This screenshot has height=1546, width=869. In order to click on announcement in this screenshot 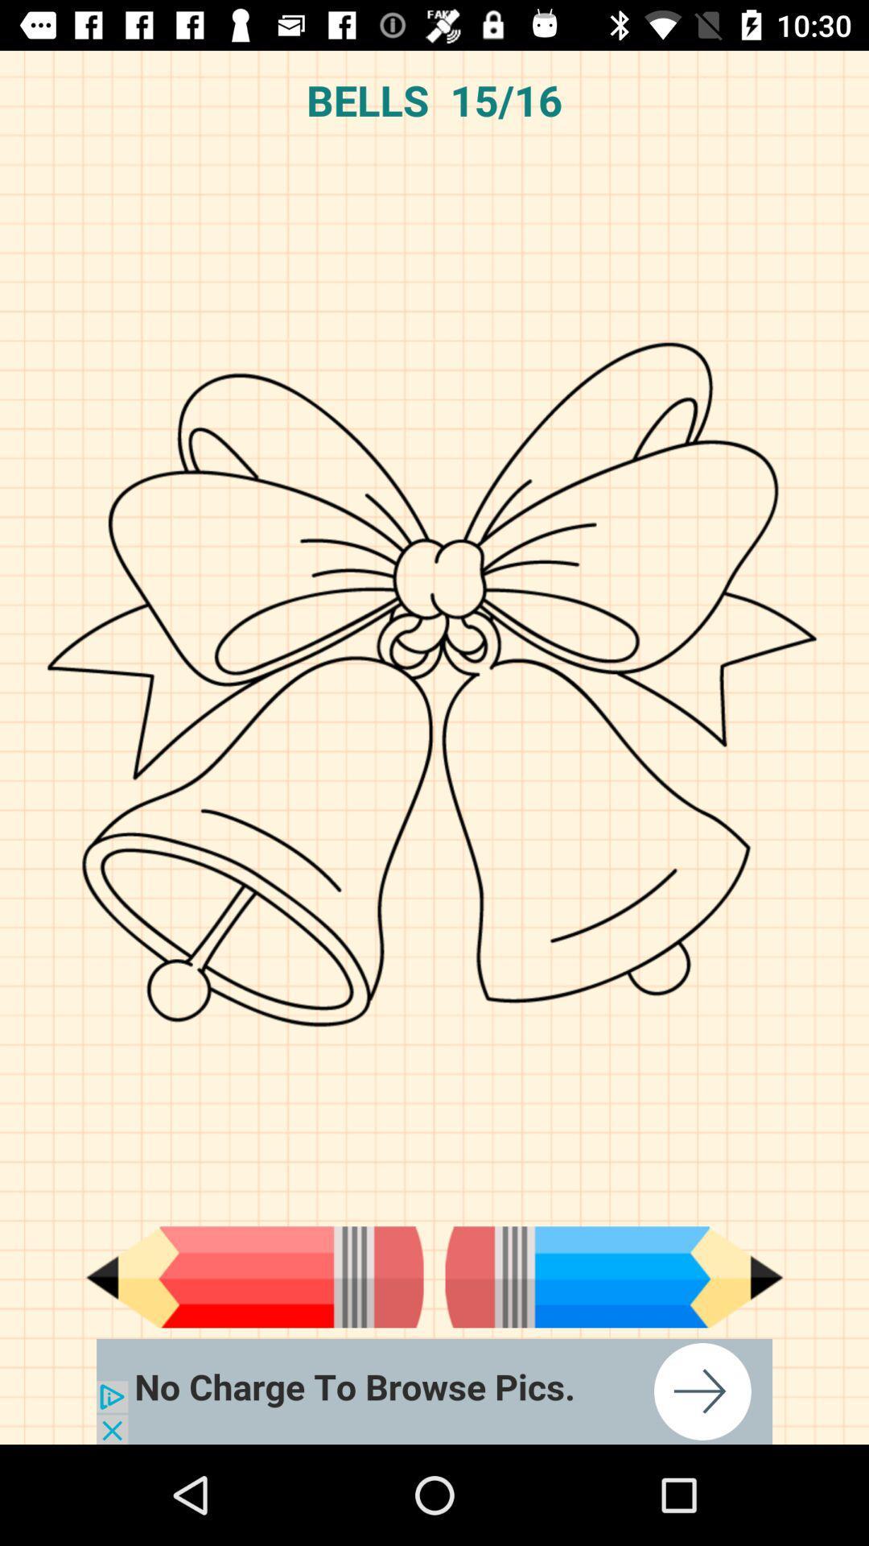, I will do `click(434, 1391)`.